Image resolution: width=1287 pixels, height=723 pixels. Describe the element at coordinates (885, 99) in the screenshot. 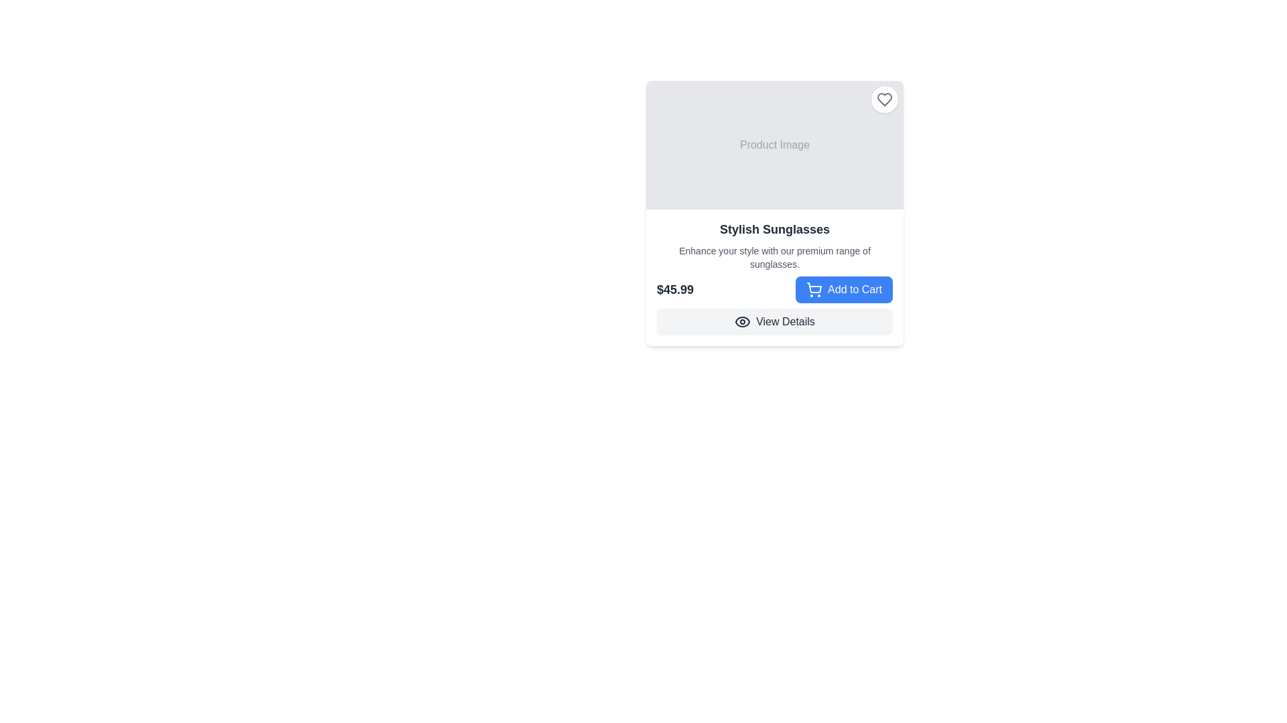

I see `the heart-shaped icon located at the top-right corner of the product card to mark the item as favorite` at that location.